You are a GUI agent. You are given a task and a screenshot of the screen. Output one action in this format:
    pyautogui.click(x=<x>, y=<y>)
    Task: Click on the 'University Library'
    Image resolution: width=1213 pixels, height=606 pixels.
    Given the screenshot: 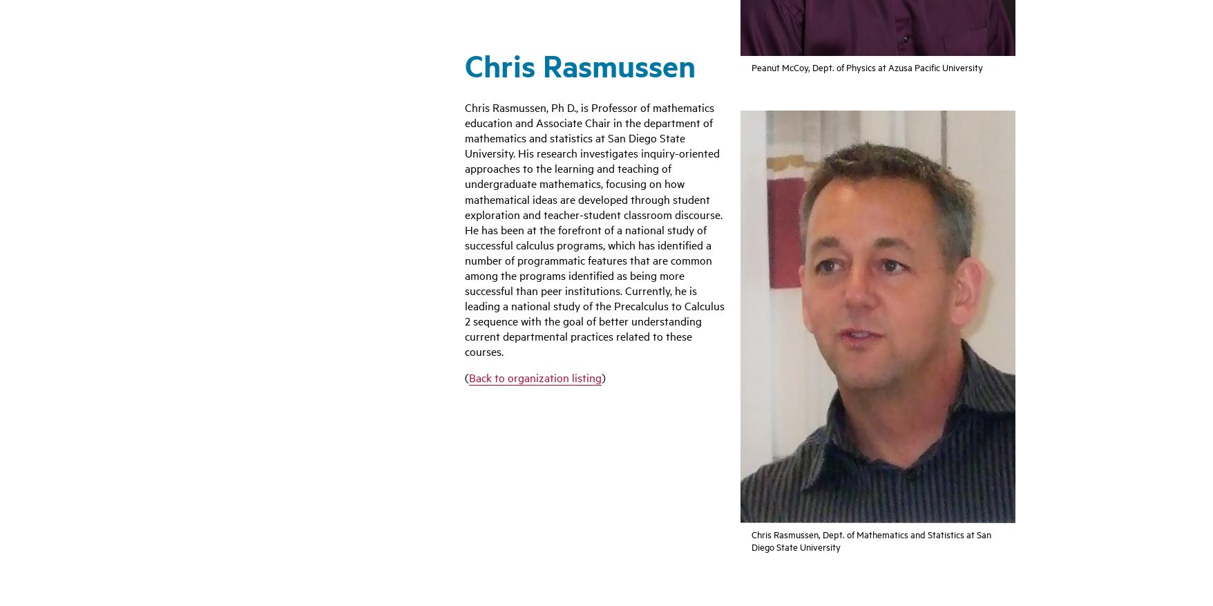 What is the action you would take?
    pyautogui.click(x=661, y=362)
    